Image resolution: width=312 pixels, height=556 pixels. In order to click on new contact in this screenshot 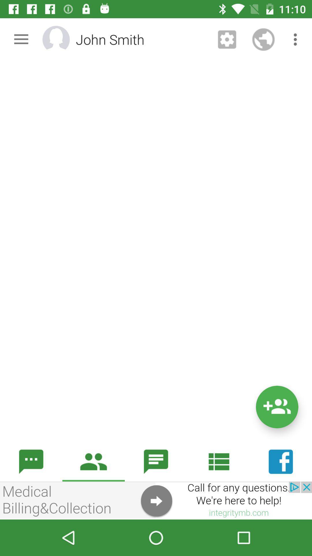, I will do `click(277, 407)`.